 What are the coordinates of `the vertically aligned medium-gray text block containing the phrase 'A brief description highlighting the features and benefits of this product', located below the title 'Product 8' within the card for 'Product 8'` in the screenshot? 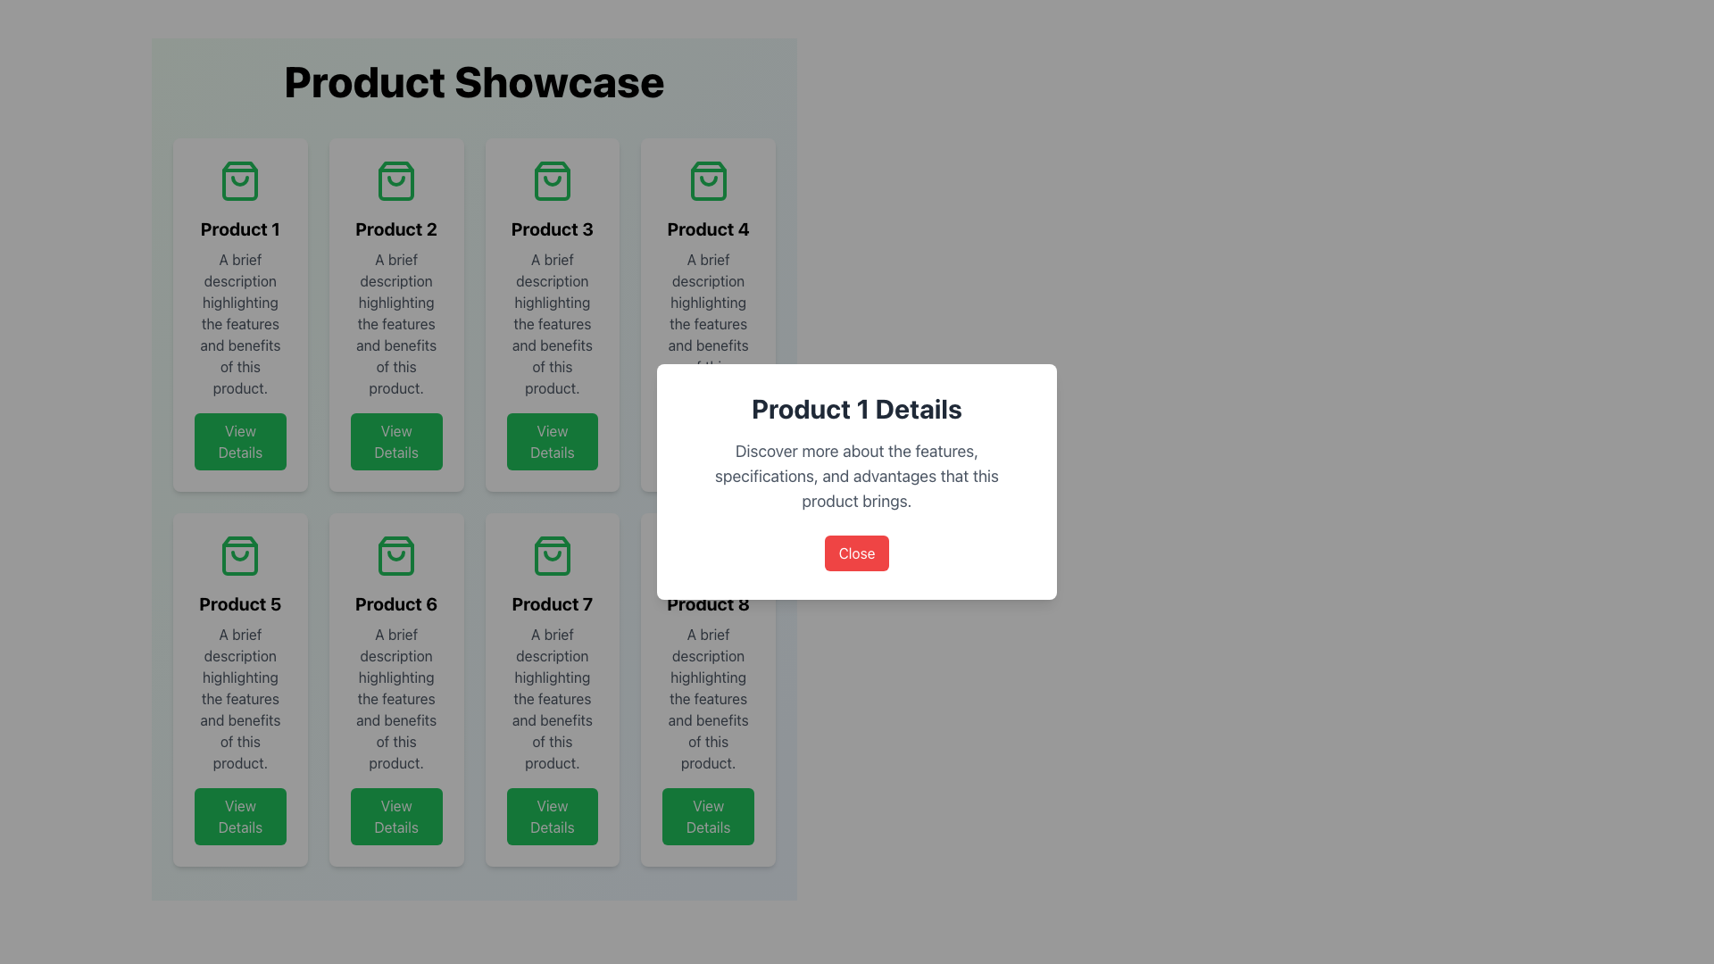 It's located at (707, 698).